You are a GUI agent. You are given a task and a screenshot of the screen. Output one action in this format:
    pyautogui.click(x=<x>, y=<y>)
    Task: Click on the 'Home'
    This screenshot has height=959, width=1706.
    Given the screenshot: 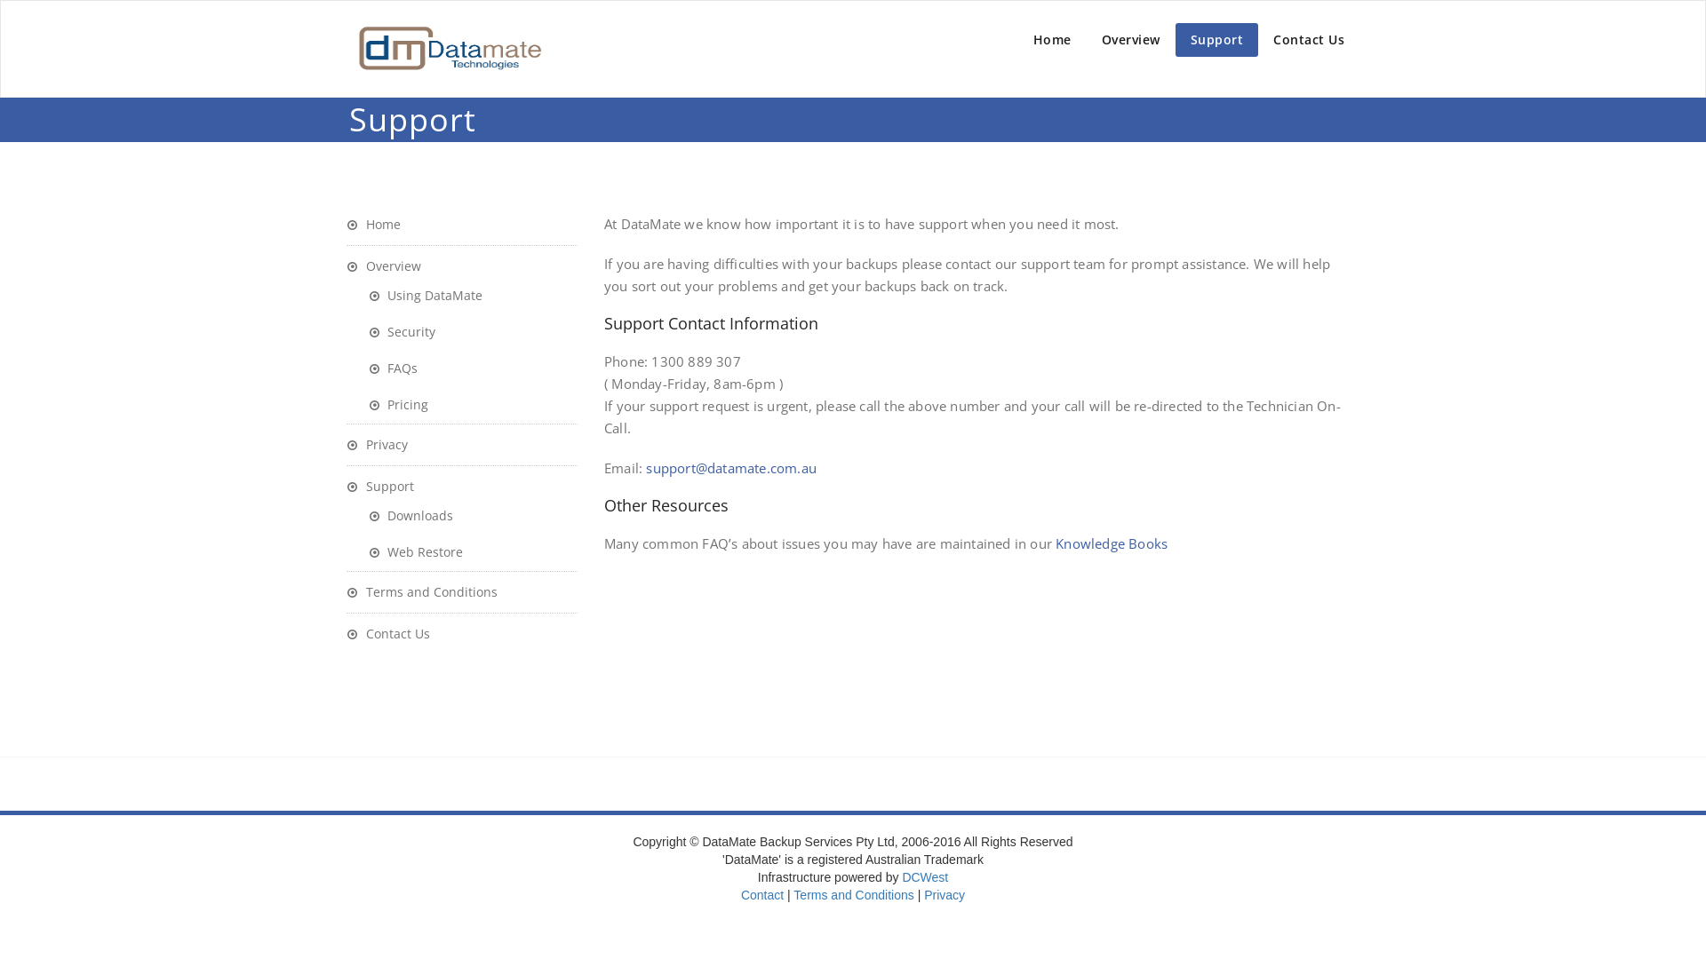 What is the action you would take?
    pyautogui.click(x=1052, y=40)
    